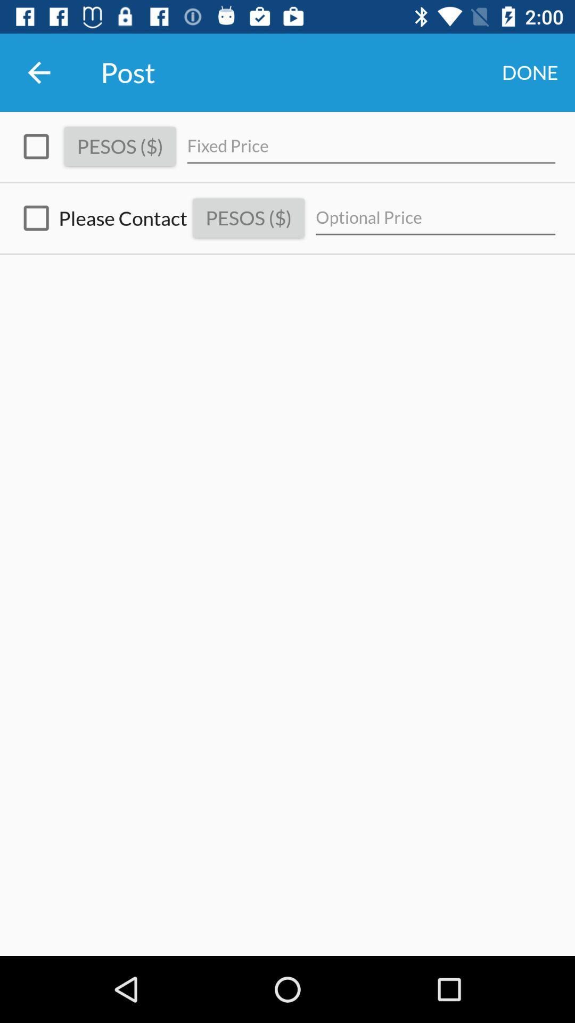  What do you see at coordinates (371, 146) in the screenshot?
I see `item to the right of pesos ($) item` at bounding box center [371, 146].